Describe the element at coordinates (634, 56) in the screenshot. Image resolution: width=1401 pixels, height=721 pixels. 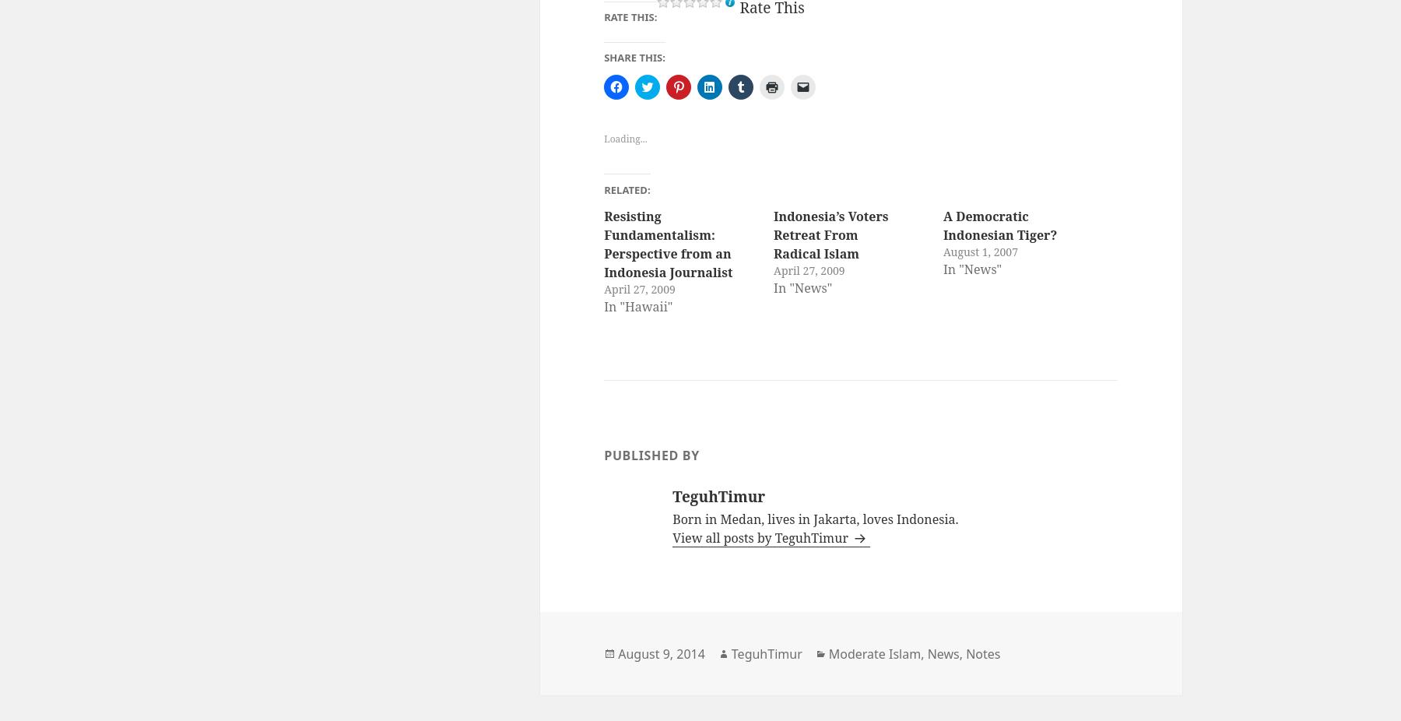
I see `'Share this:'` at that location.